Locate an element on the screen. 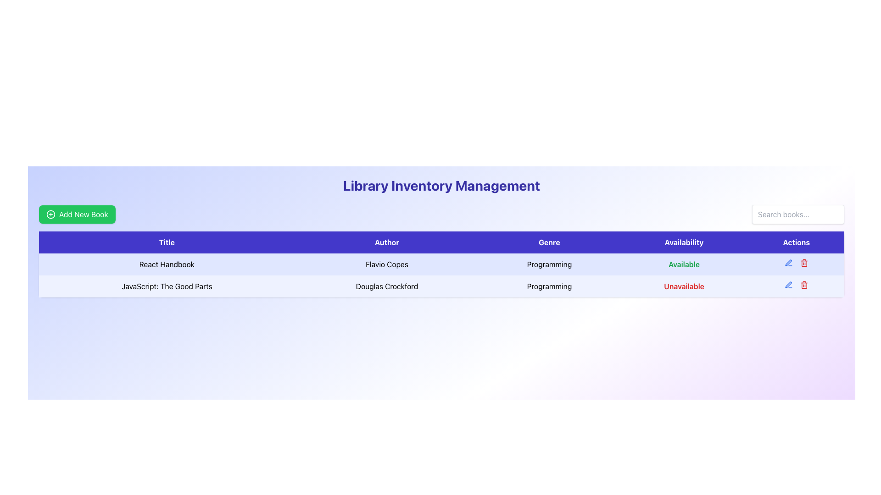 The height and width of the screenshot is (495, 881). the red-colored text label that says 'Unavailable' in the Availability column of the second row in the data table is located at coordinates (684, 286).